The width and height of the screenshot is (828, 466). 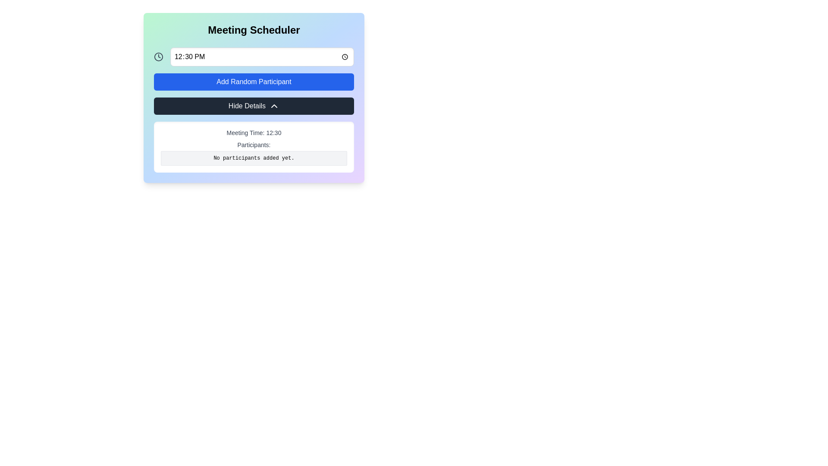 What do you see at coordinates (254, 106) in the screenshot?
I see `the third button located below the 'Add Random Participant' button` at bounding box center [254, 106].